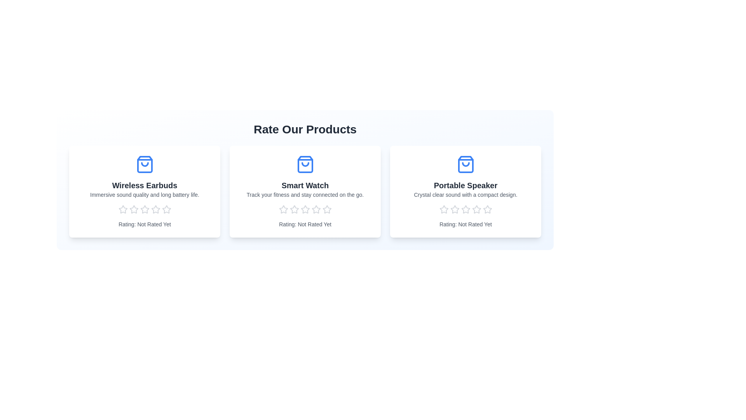 This screenshot has width=746, height=420. What do you see at coordinates (305, 194) in the screenshot?
I see `the description of the product Smart Watch` at bounding box center [305, 194].